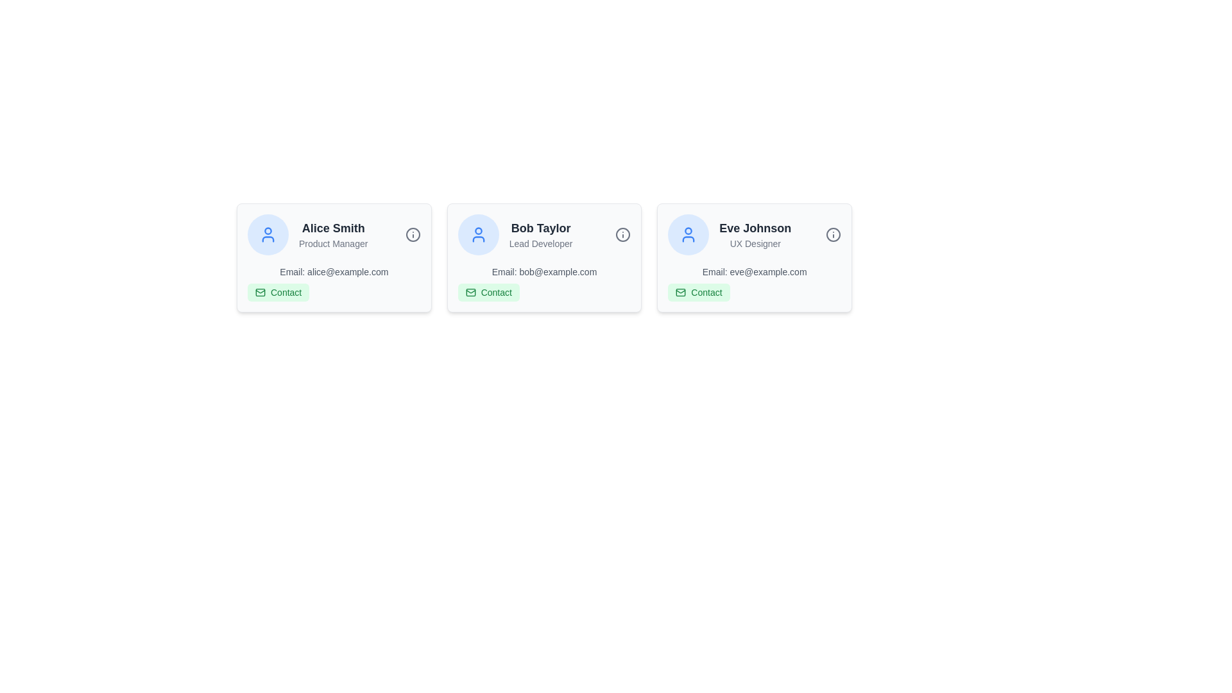 Image resolution: width=1232 pixels, height=693 pixels. What do you see at coordinates (470, 292) in the screenshot?
I see `the green envelope icon located to the left of the 'Contact' button text within the card labeled 'Bob Taylor'` at bounding box center [470, 292].